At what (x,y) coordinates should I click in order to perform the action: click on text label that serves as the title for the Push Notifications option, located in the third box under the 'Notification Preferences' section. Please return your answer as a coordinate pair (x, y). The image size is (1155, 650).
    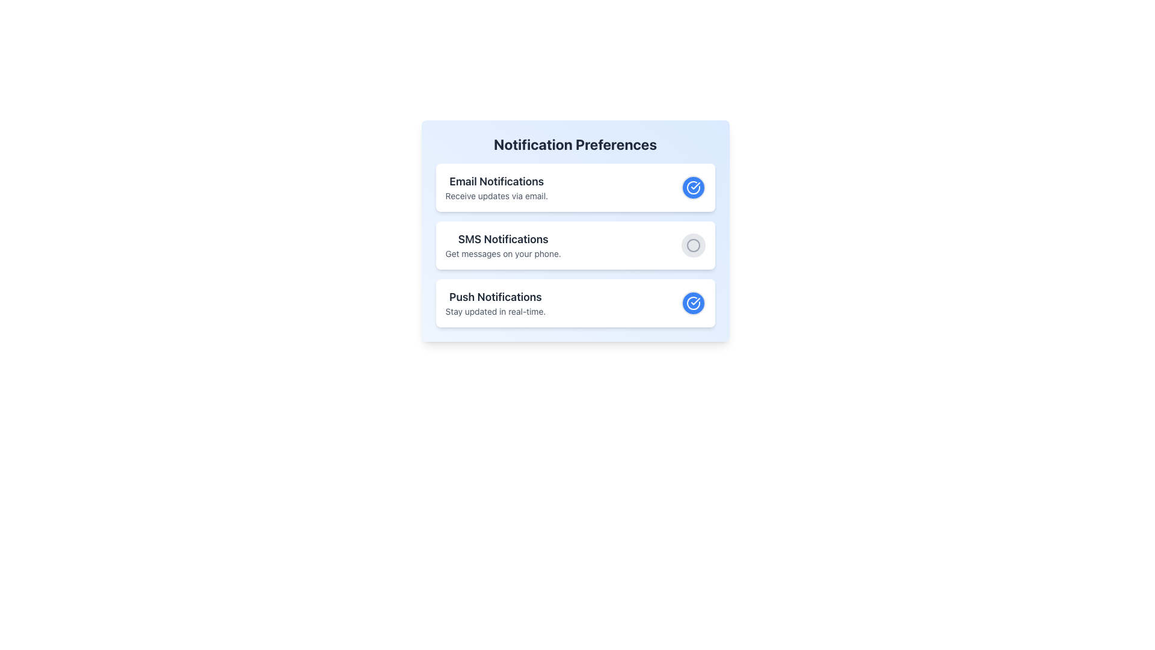
    Looking at the image, I should click on (495, 297).